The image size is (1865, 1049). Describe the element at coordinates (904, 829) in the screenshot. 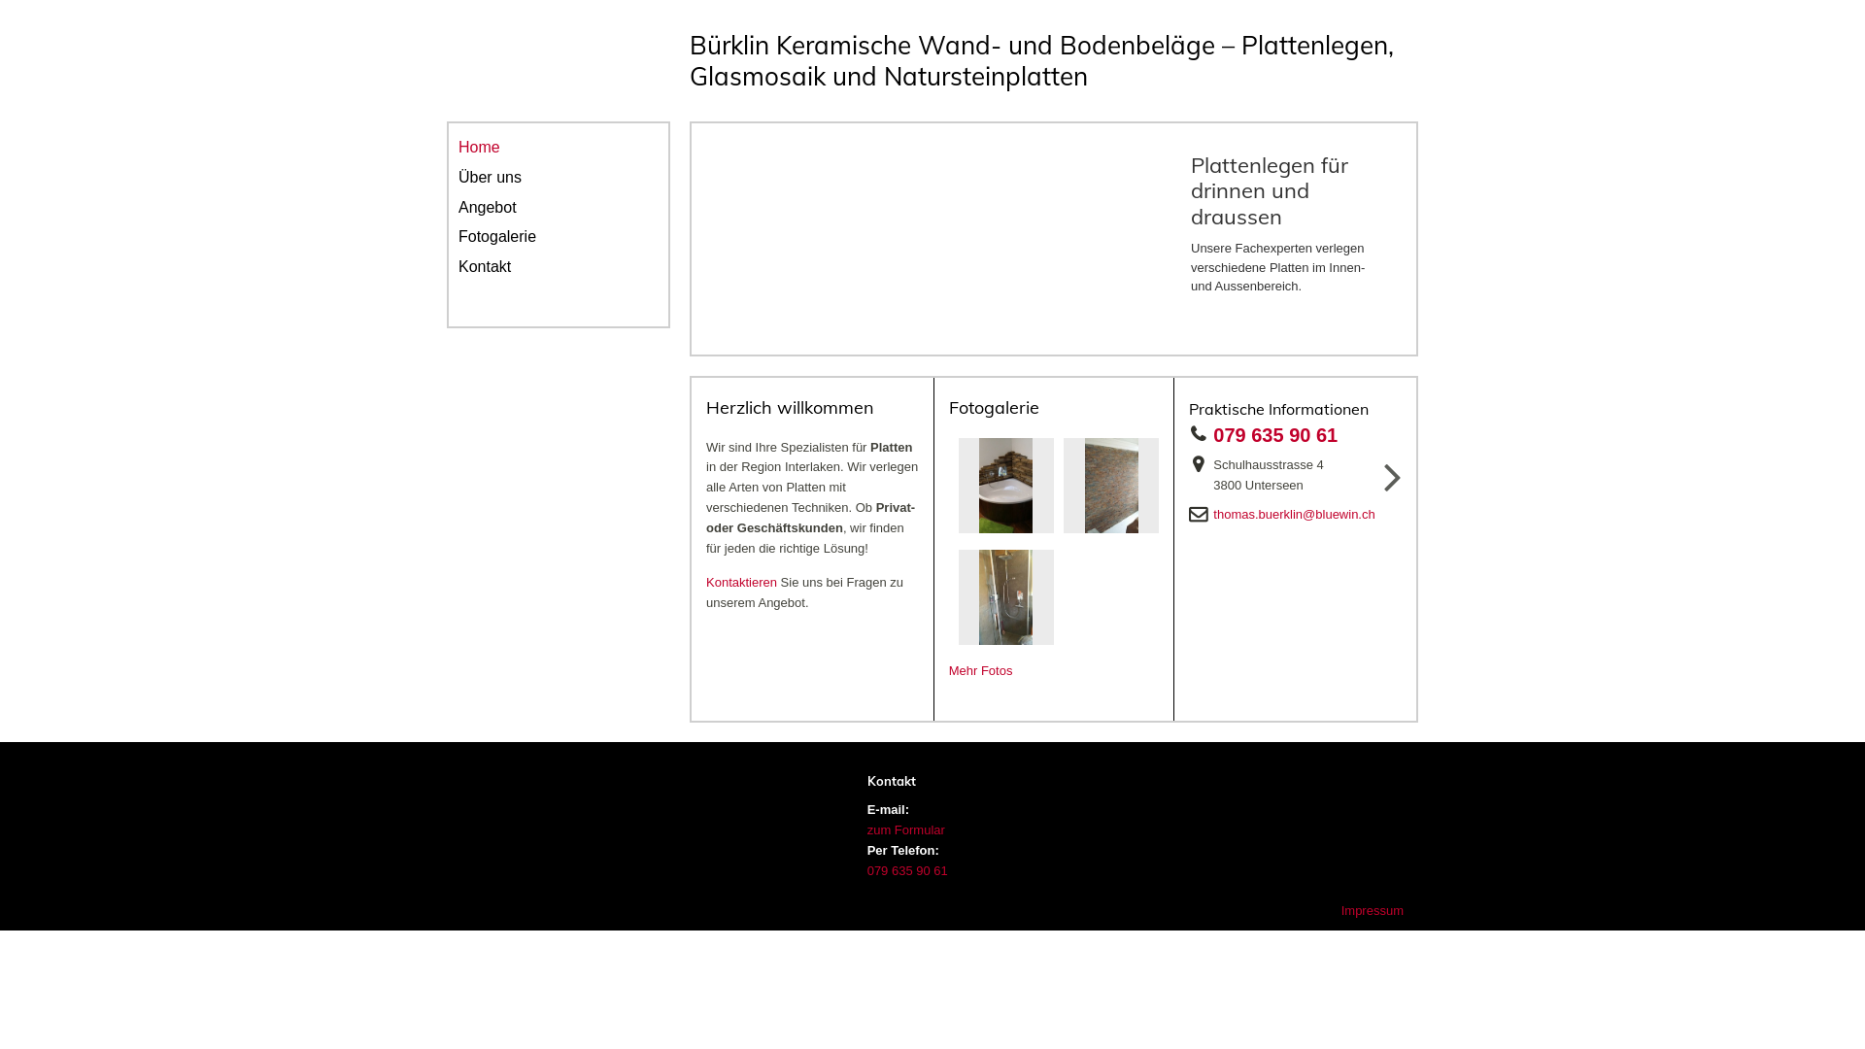

I see `'zum Formular'` at that location.